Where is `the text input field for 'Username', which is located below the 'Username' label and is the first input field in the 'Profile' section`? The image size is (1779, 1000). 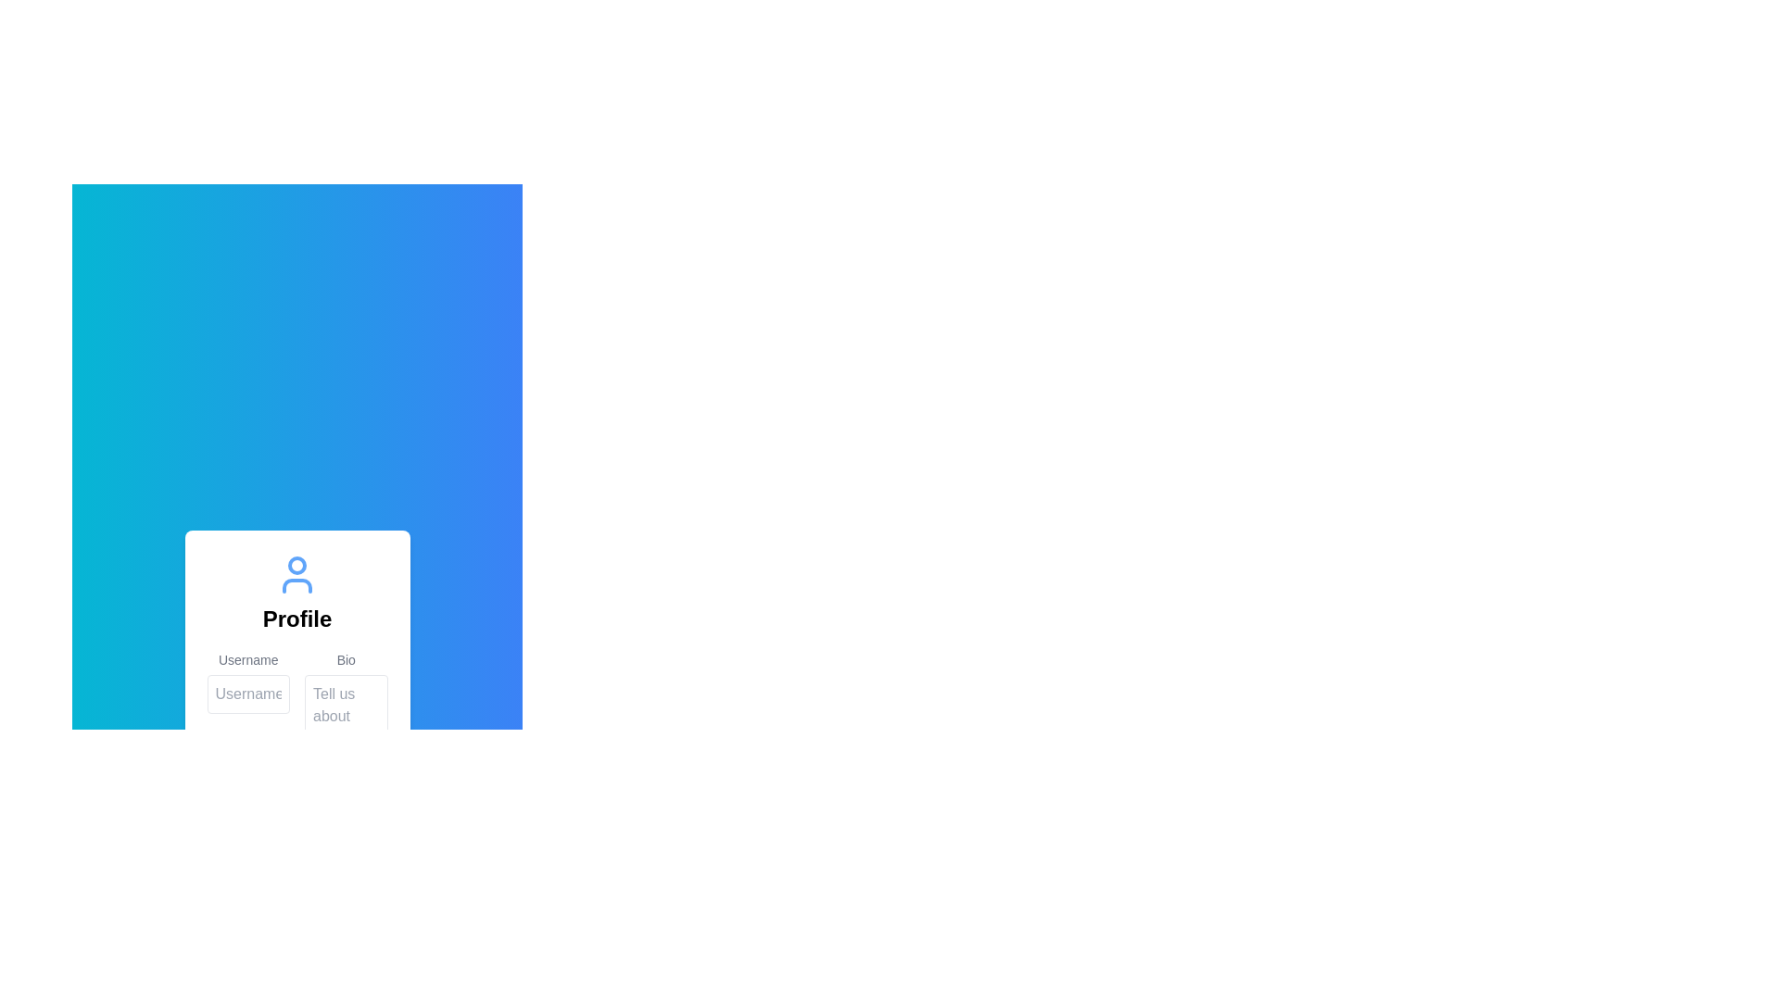
the text input field for 'Username', which is located below the 'Username' label and is the first input field in the 'Profile' section is located at coordinates (247, 694).